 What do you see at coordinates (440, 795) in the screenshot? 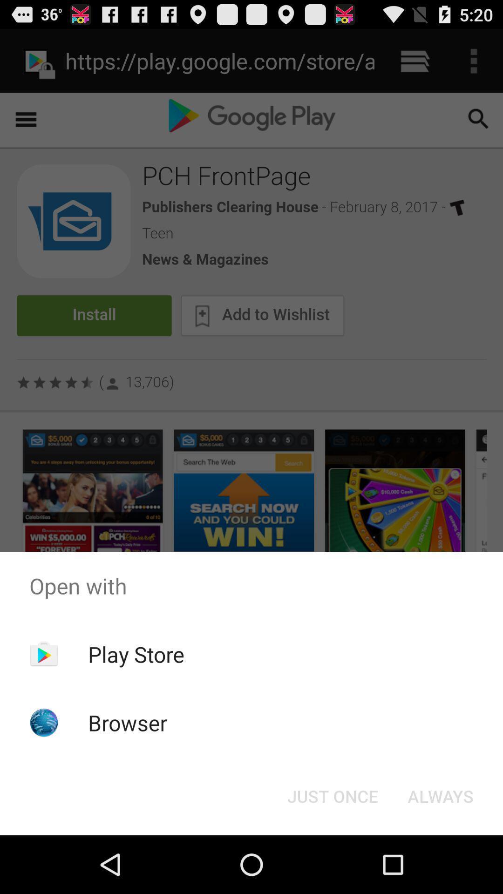
I see `icon to the right of the just once button` at bounding box center [440, 795].